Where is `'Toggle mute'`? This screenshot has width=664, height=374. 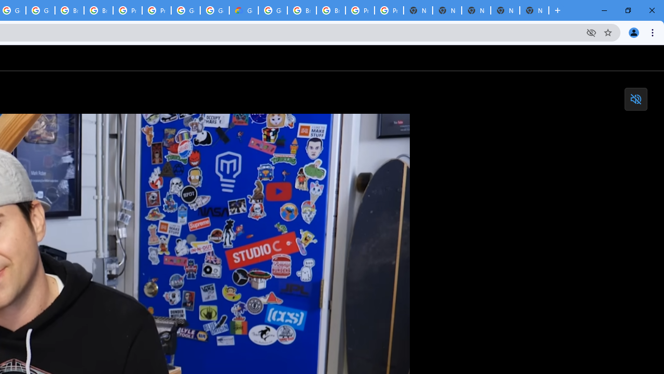
'Toggle mute' is located at coordinates (635, 99).